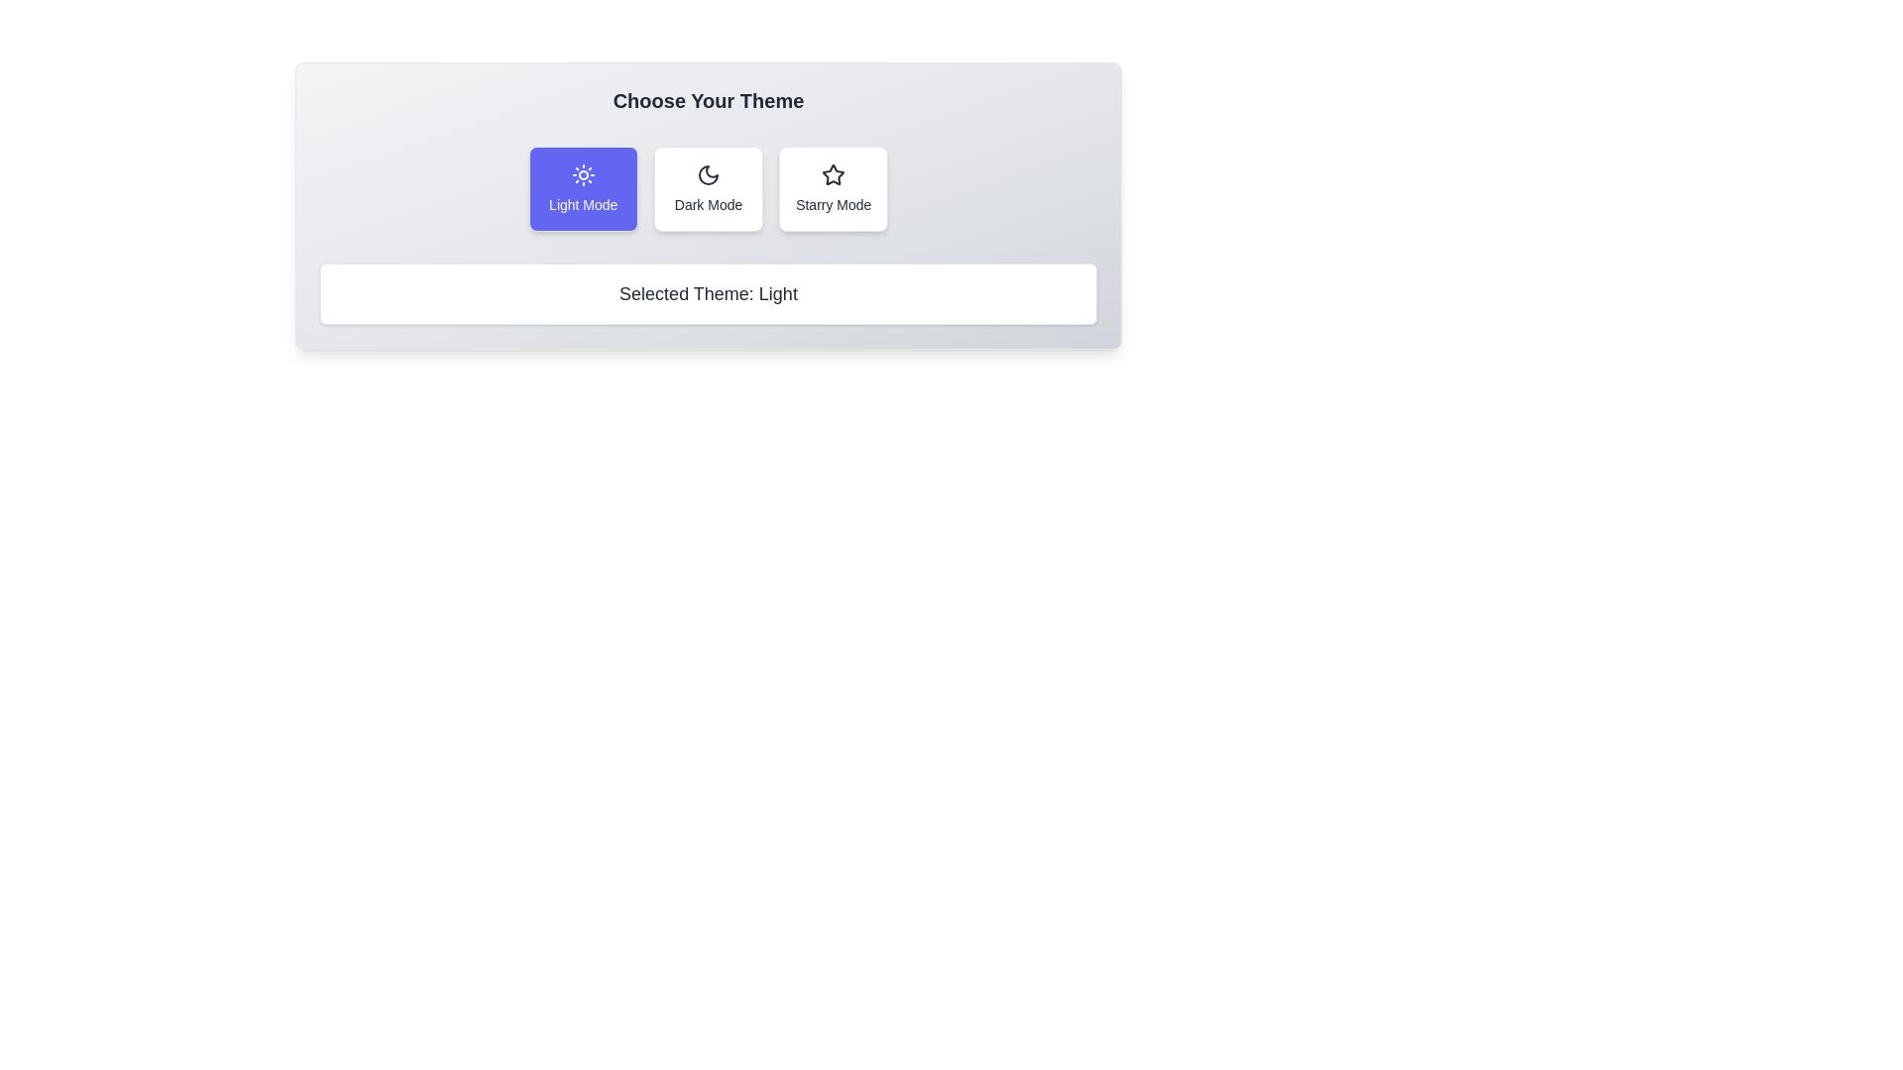 The height and width of the screenshot is (1070, 1903). What do you see at coordinates (709, 189) in the screenshot?
I see `the button labeled Dark Mode to observe its hover effect` at bounding box center [709, 189].